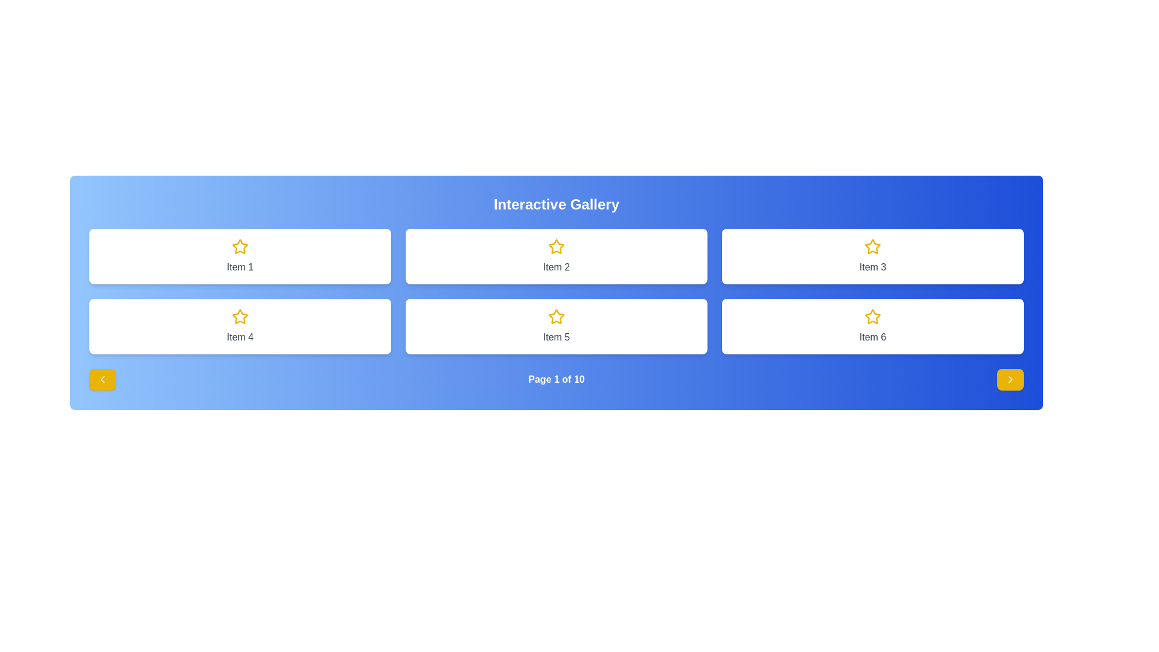  Describe the element at coordinates (555, 316) in the screenshot. I see `the star-shaped icon with a yellow outline located above the text 'Item 5'` at that location.